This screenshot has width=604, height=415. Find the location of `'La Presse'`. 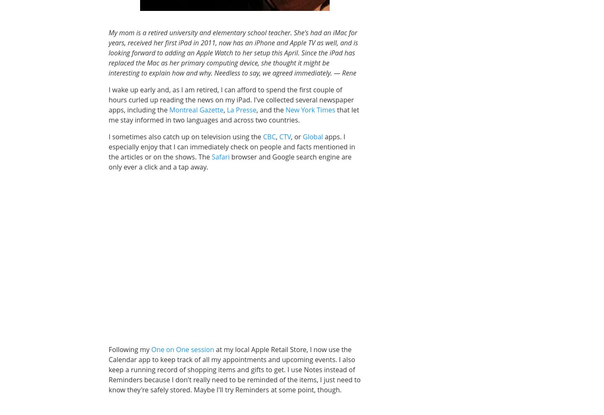

'La Presse' is located at coordinates (242, 109).